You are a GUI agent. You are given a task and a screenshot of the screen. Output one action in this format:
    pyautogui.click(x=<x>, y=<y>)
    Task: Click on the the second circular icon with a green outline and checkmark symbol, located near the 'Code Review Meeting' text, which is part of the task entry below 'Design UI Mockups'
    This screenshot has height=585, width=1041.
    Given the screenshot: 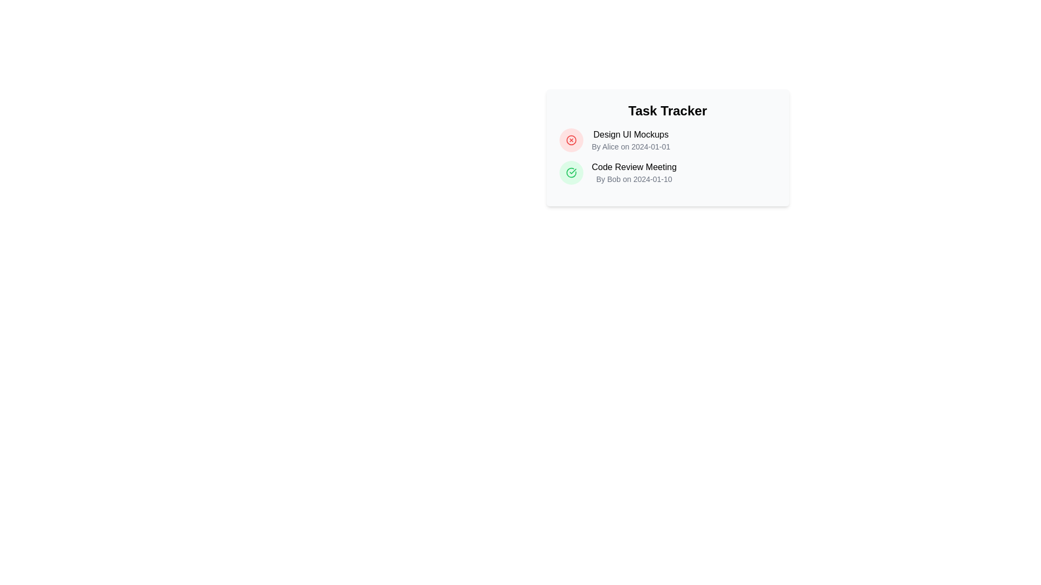 What is the action you would take?
    pyautogui.click(x=570, y=172)
    